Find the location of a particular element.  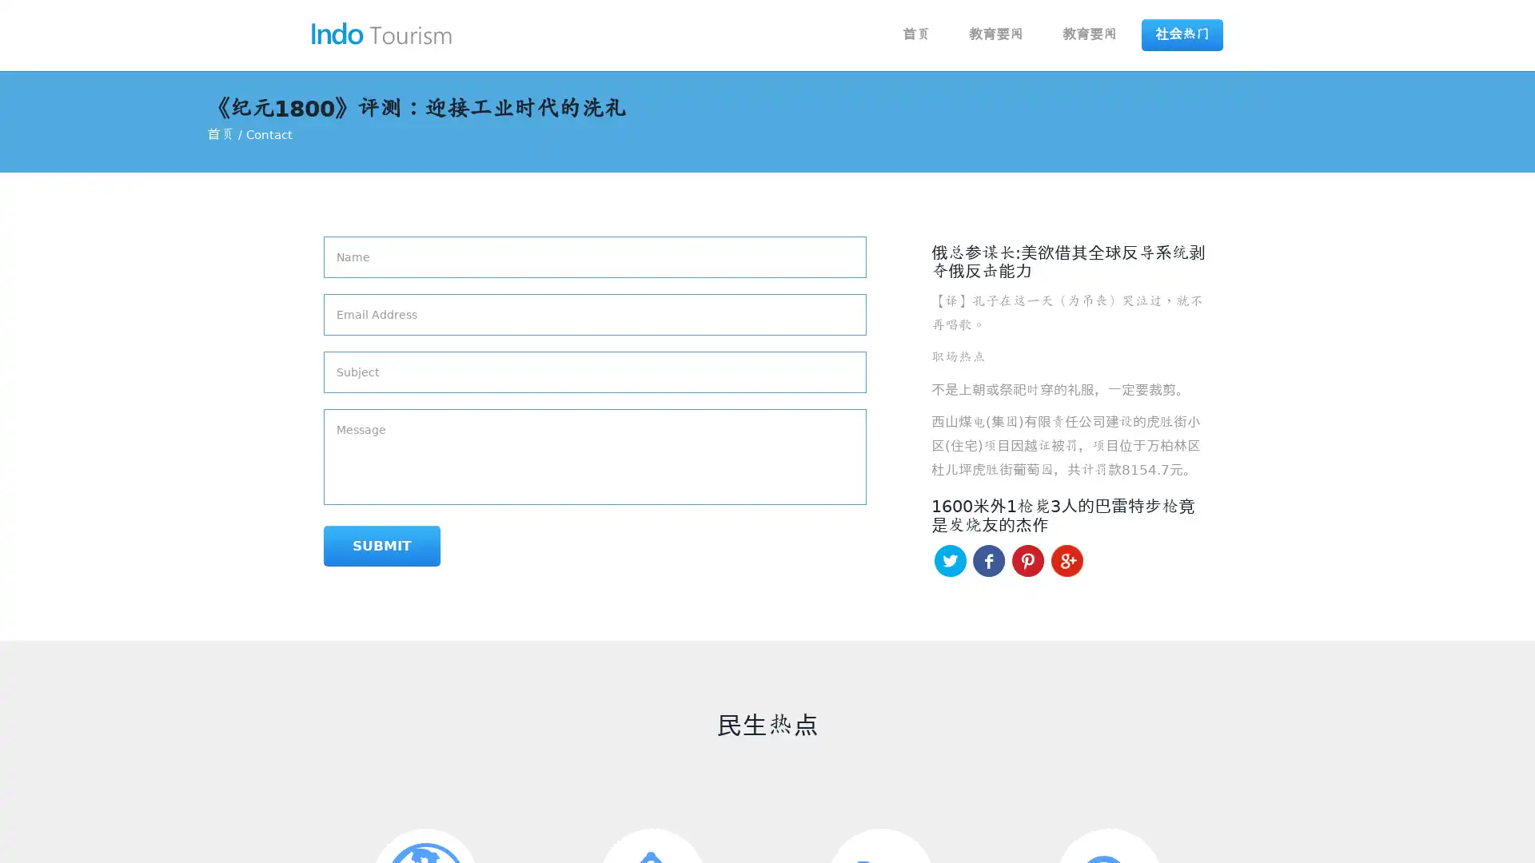

Submit is located at coordinates (381, 545).